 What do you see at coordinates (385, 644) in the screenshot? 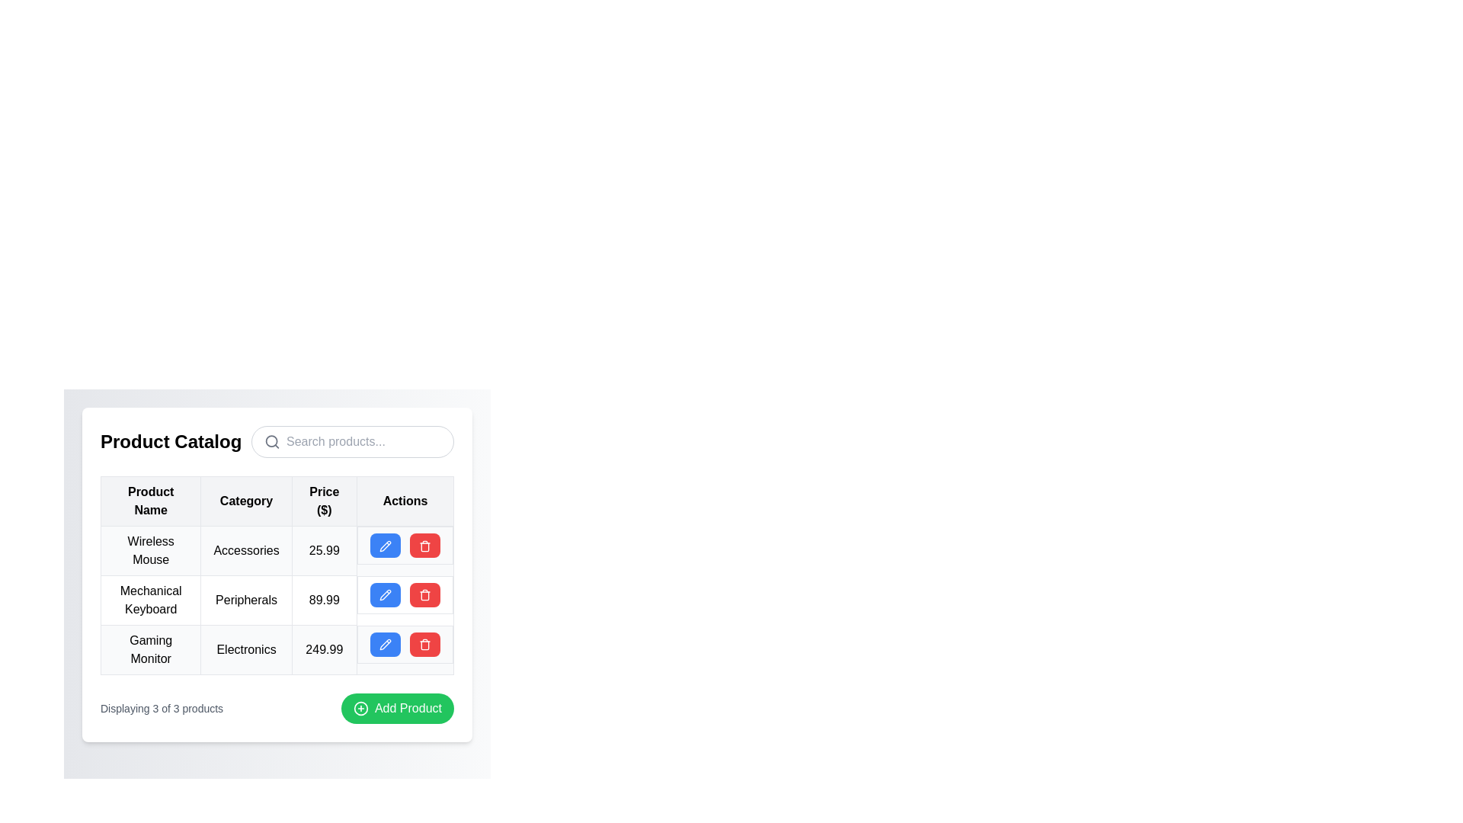
I see `the edit button in the 'Actions' column for the 'Gaming Monitor' entry` at bounding box center [385, 644].